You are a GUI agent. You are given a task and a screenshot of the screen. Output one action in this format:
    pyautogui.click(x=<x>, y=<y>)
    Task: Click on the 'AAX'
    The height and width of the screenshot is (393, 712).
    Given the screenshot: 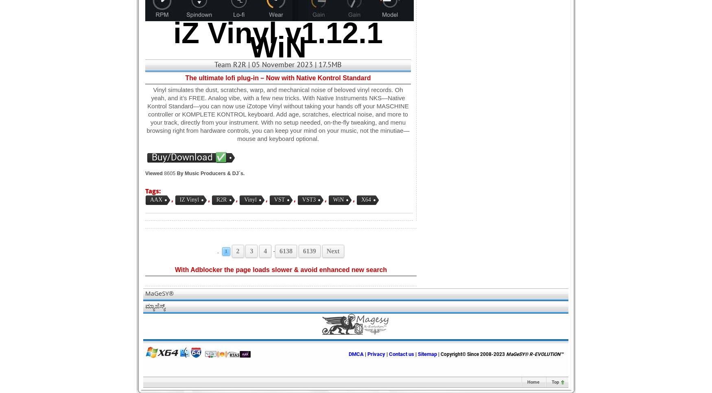 What is the action you would take?
    pyautogui.click(x=155, y=200)
    